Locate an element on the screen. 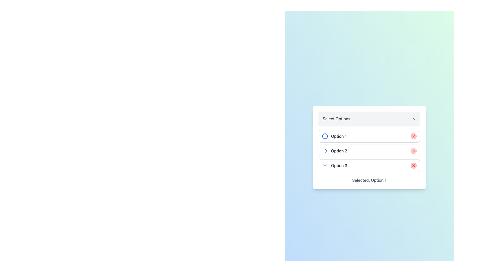 The image size is (486, 273). the circular red button with a white 'X' icon located in the top-right corner of the list item labeled 'Option 2' to observe visual feedback is located at coordinates (413, 150).